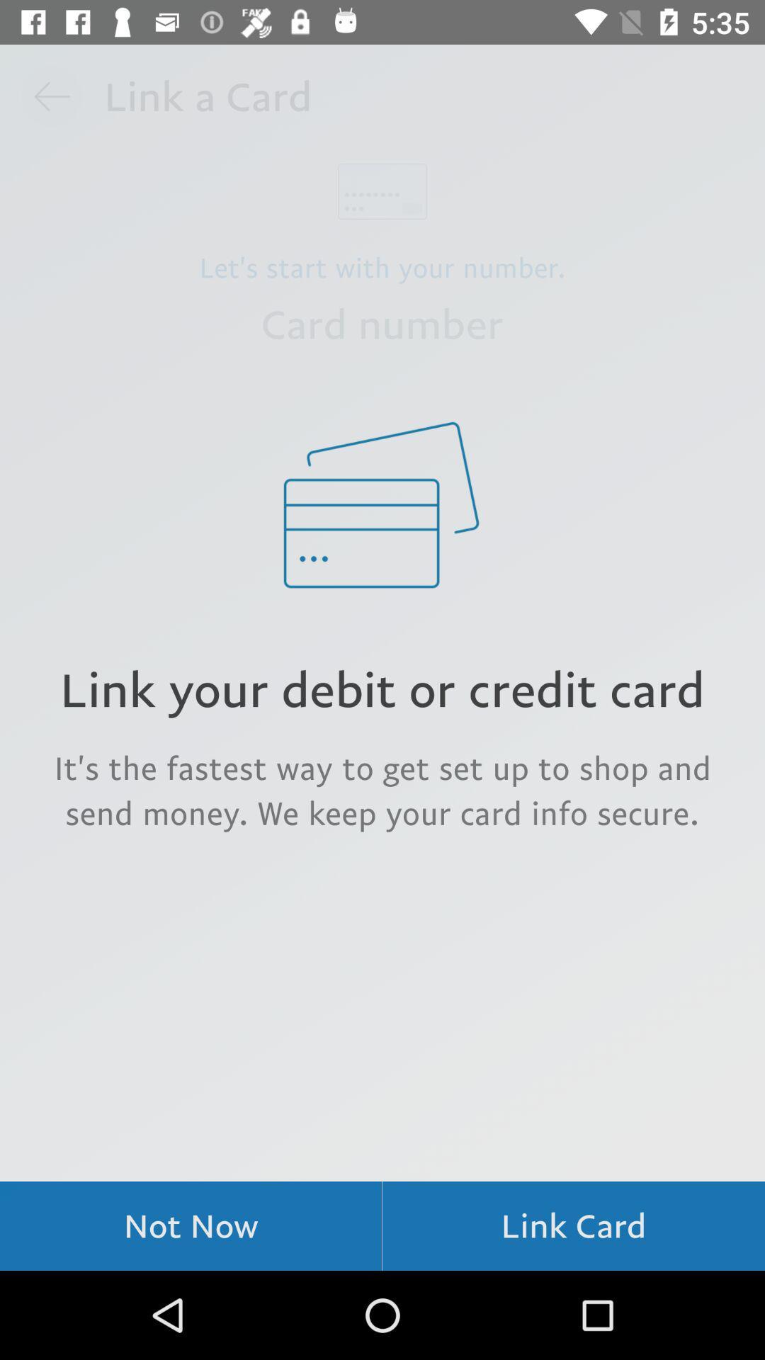 The width and height of the screenshot is (765, 1360). I want to click on item below the it s the icon, so click(190, 1225).